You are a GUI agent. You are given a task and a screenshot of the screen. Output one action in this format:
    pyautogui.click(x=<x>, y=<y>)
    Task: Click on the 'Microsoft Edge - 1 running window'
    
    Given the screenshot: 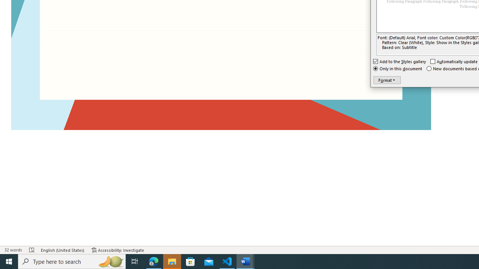 What is the action you would take?
    pyautogui.click(x=153, y=261)
    